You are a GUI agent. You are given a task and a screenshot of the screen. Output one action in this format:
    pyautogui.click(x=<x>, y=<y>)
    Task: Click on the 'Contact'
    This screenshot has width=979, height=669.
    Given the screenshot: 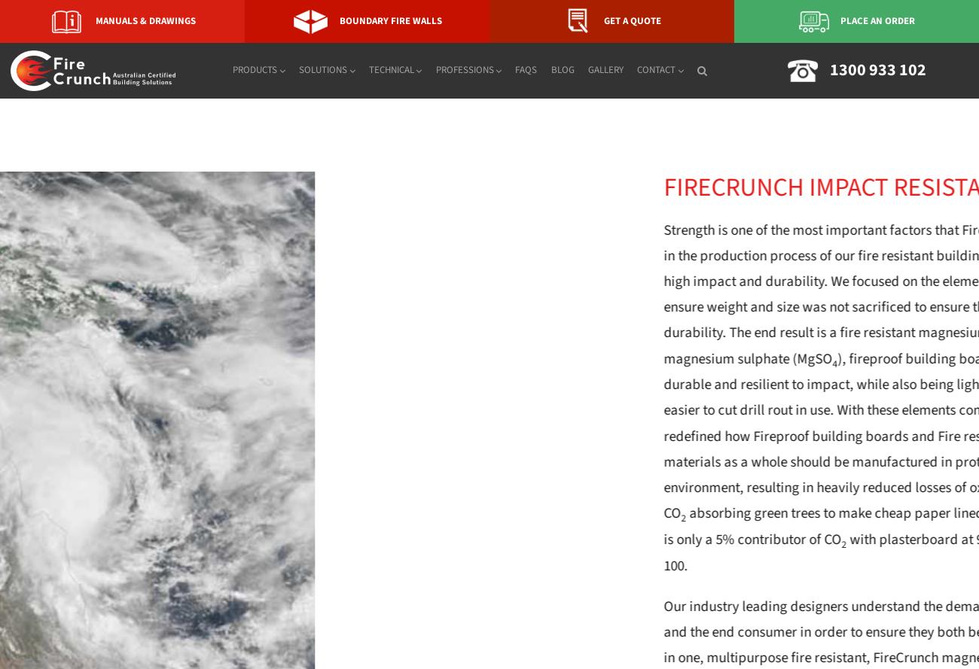 What is the action you would take?
    pyautogui.click(x=655, y=68)
    